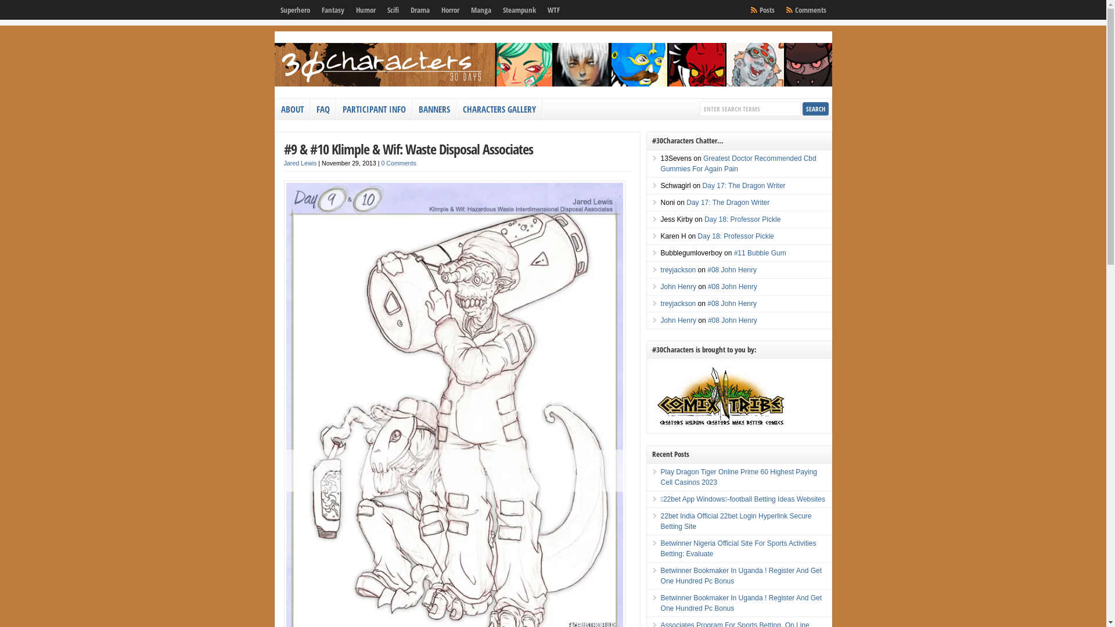 The height and width of the screenshot is (627, 1115). What do you see at coordinates (332, 9) in the screenshot?
I see `'Fantasy'` at bounding box center [332, 9].